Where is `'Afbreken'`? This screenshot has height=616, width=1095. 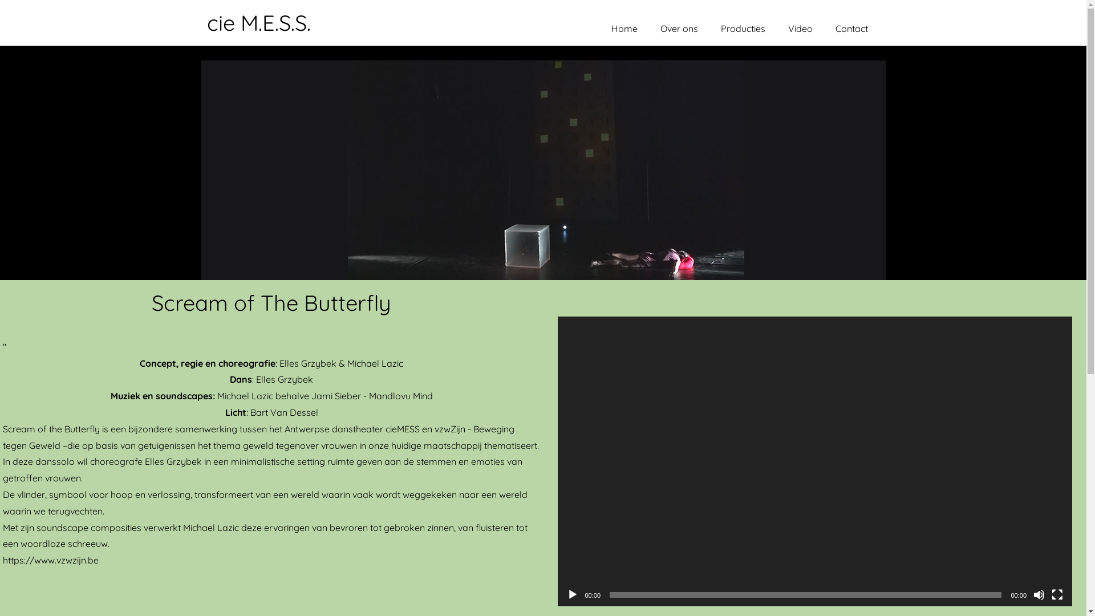 'Afbreken' is located at coordinates (1033, 594).